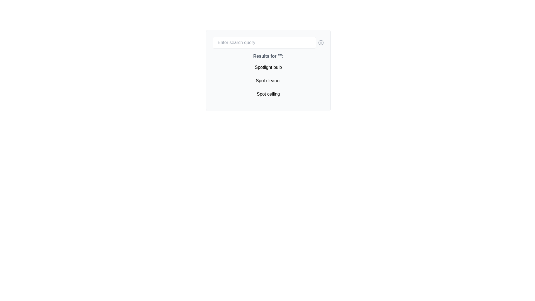 This screenshot has width=535, height=301. I want to click on the static textual character 't' in the word 'Spot' of the label 'Spot ceiling', which is located in the lower right section of the search result box, so click(265, 94).